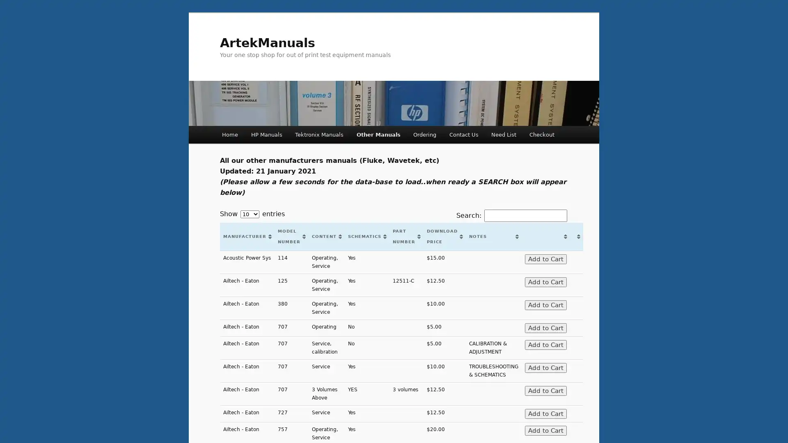 Image resolution: width=788 pixels, height=443 pixels. Describe the element at coordinates (545, 414) in the screenshot. I see `Add to Cart` at that location.